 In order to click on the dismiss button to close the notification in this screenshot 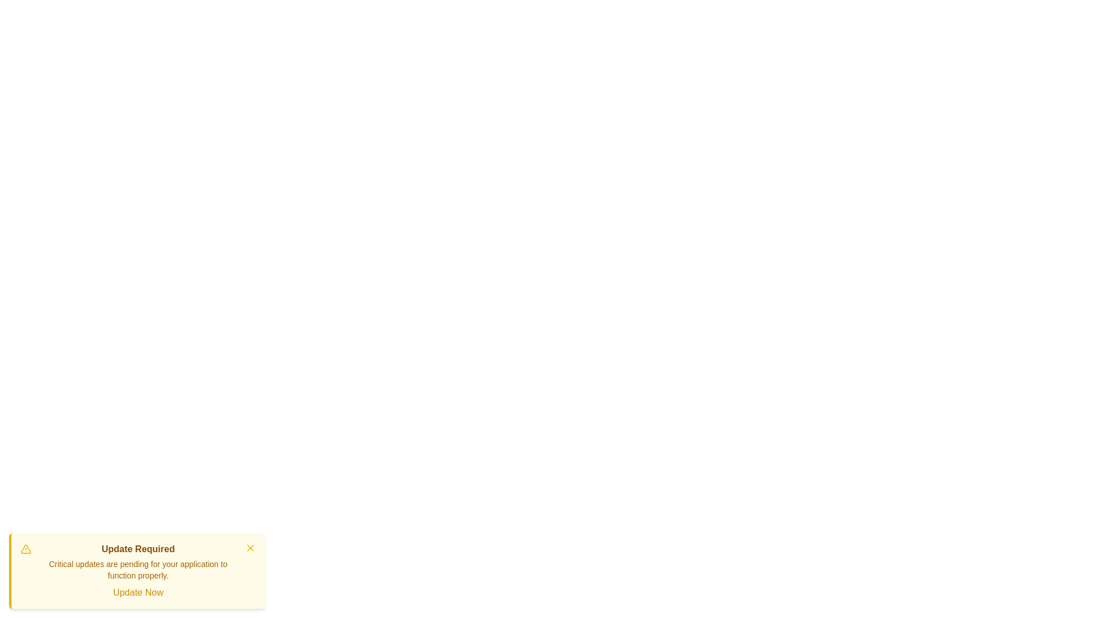, I will do `click(249, 547)`.